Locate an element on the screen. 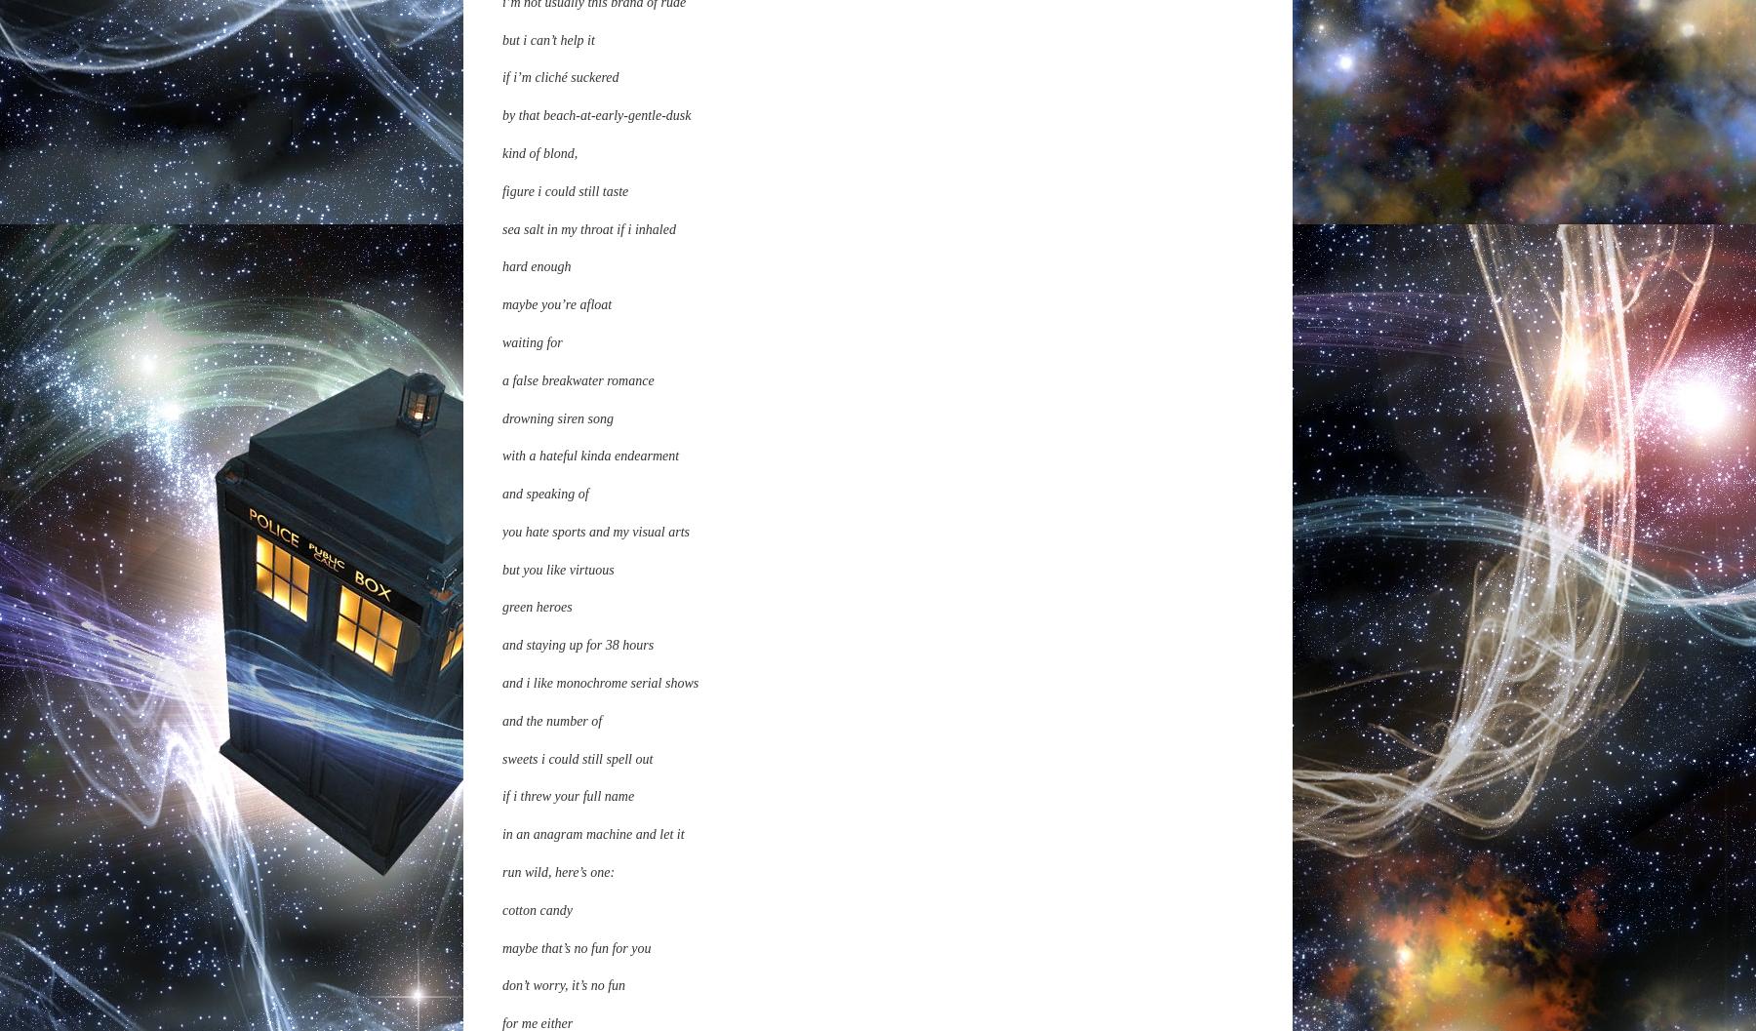  'you’ve got that' is located at coordinates (541, 489).